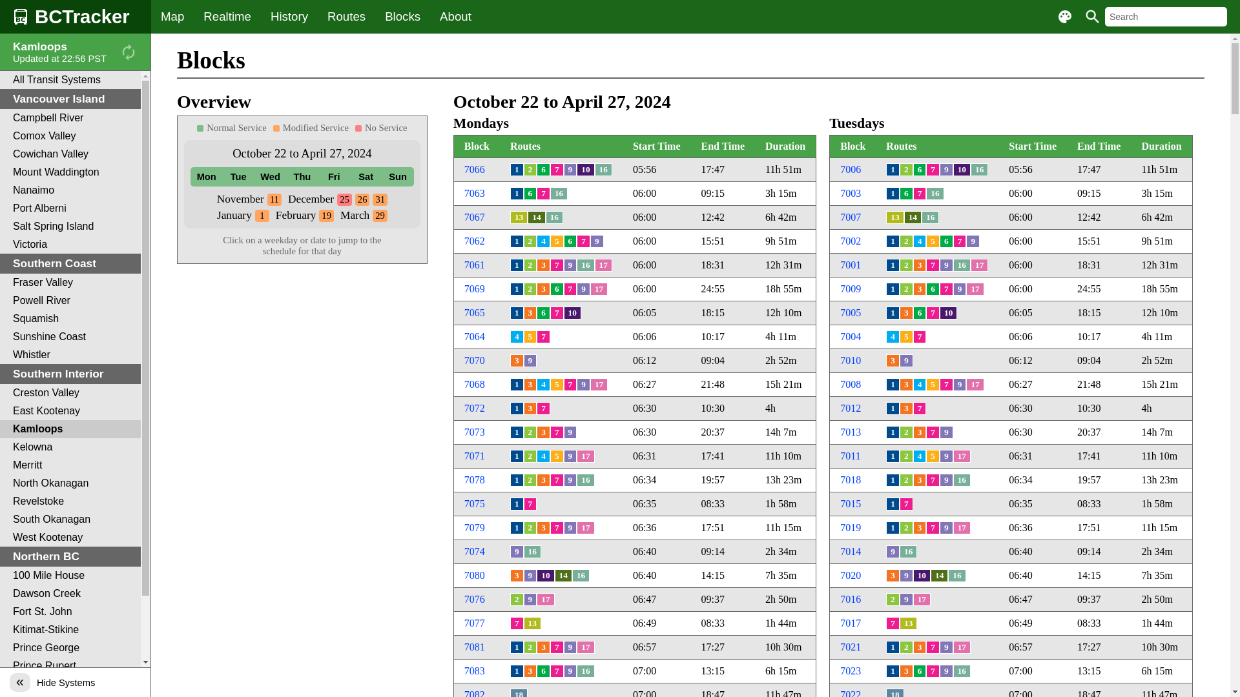 The width and height of the screenshot is (1240, 697). What do you see at coordinates (530, 241) in the screenshot?
I see `'2'` at bounding box center [530, 241].